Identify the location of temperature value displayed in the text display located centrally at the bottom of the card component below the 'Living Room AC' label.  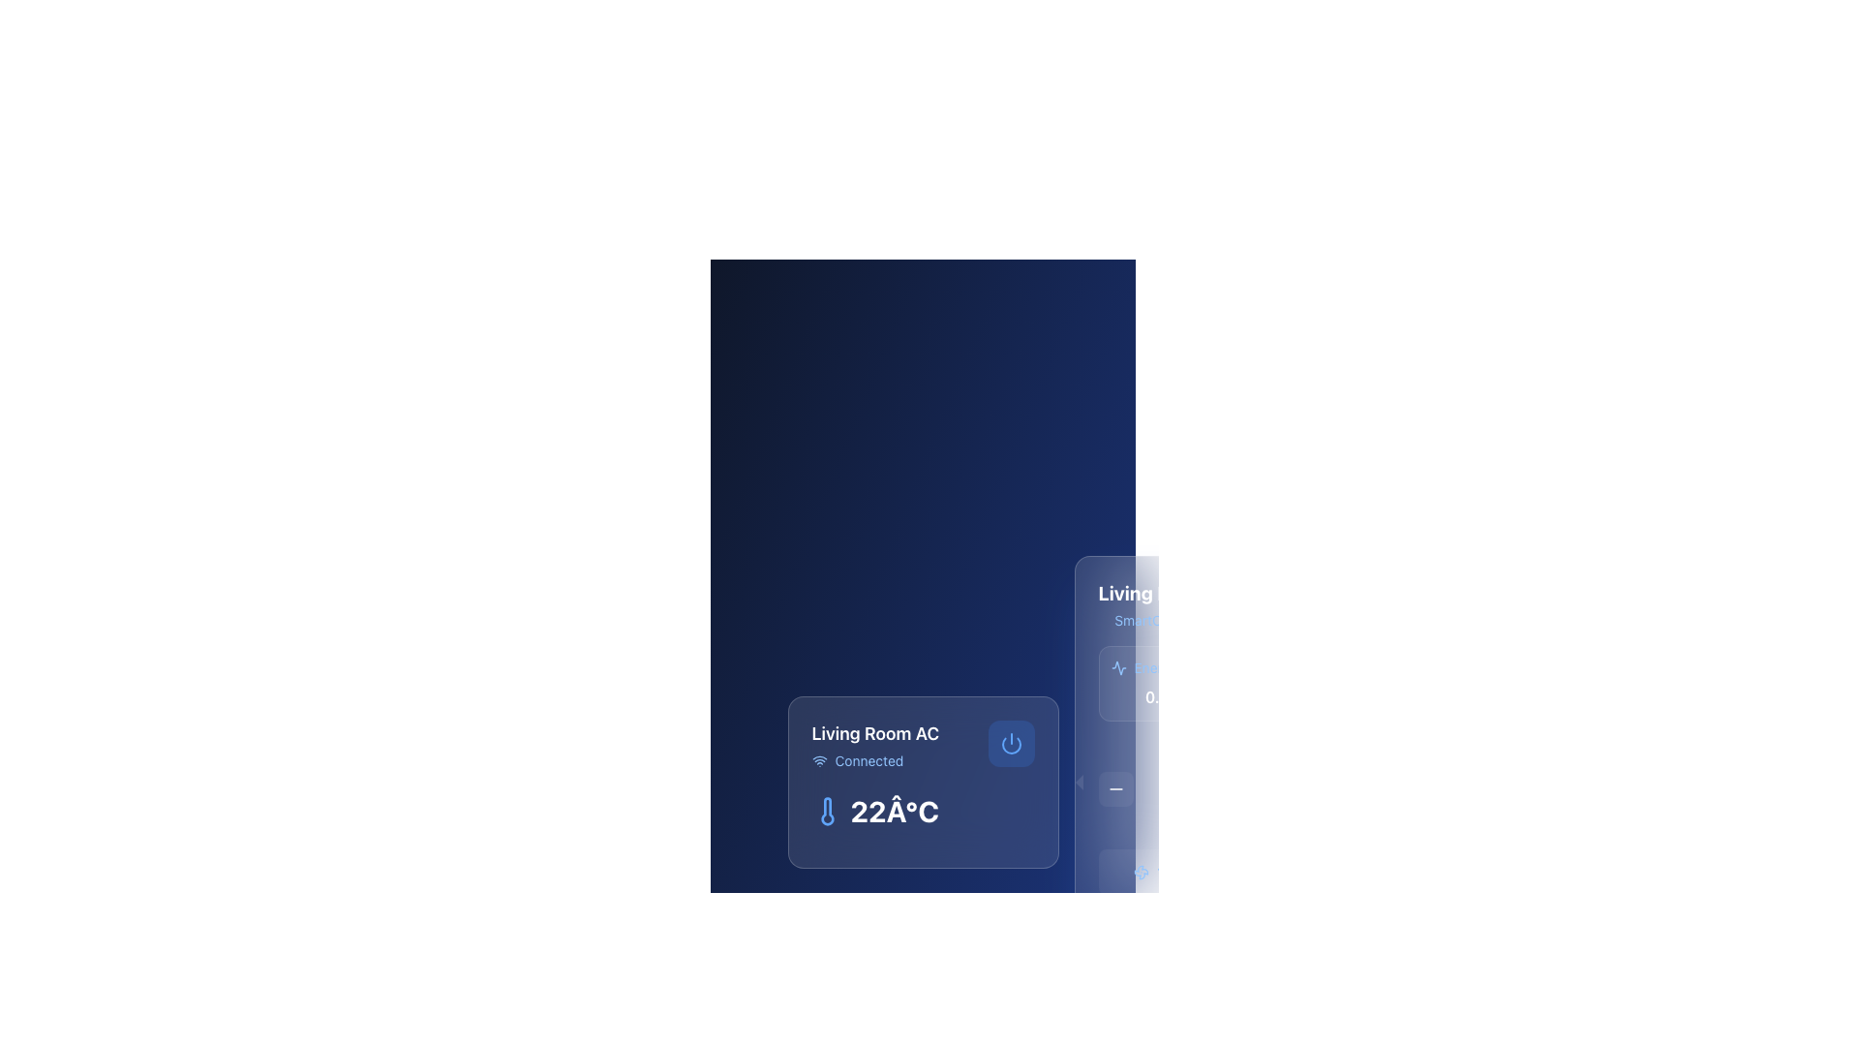
(922, 811).